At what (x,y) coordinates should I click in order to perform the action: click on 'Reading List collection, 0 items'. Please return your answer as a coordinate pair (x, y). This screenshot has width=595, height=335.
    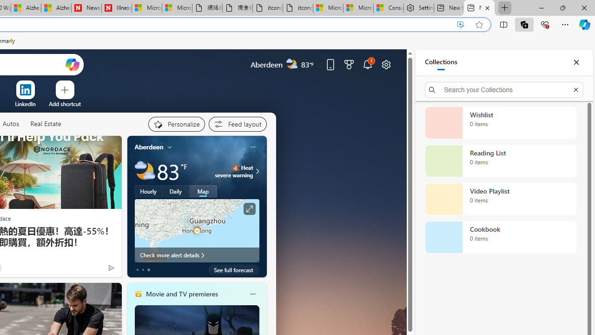
    Looking at the image, I should click on (500, 160).